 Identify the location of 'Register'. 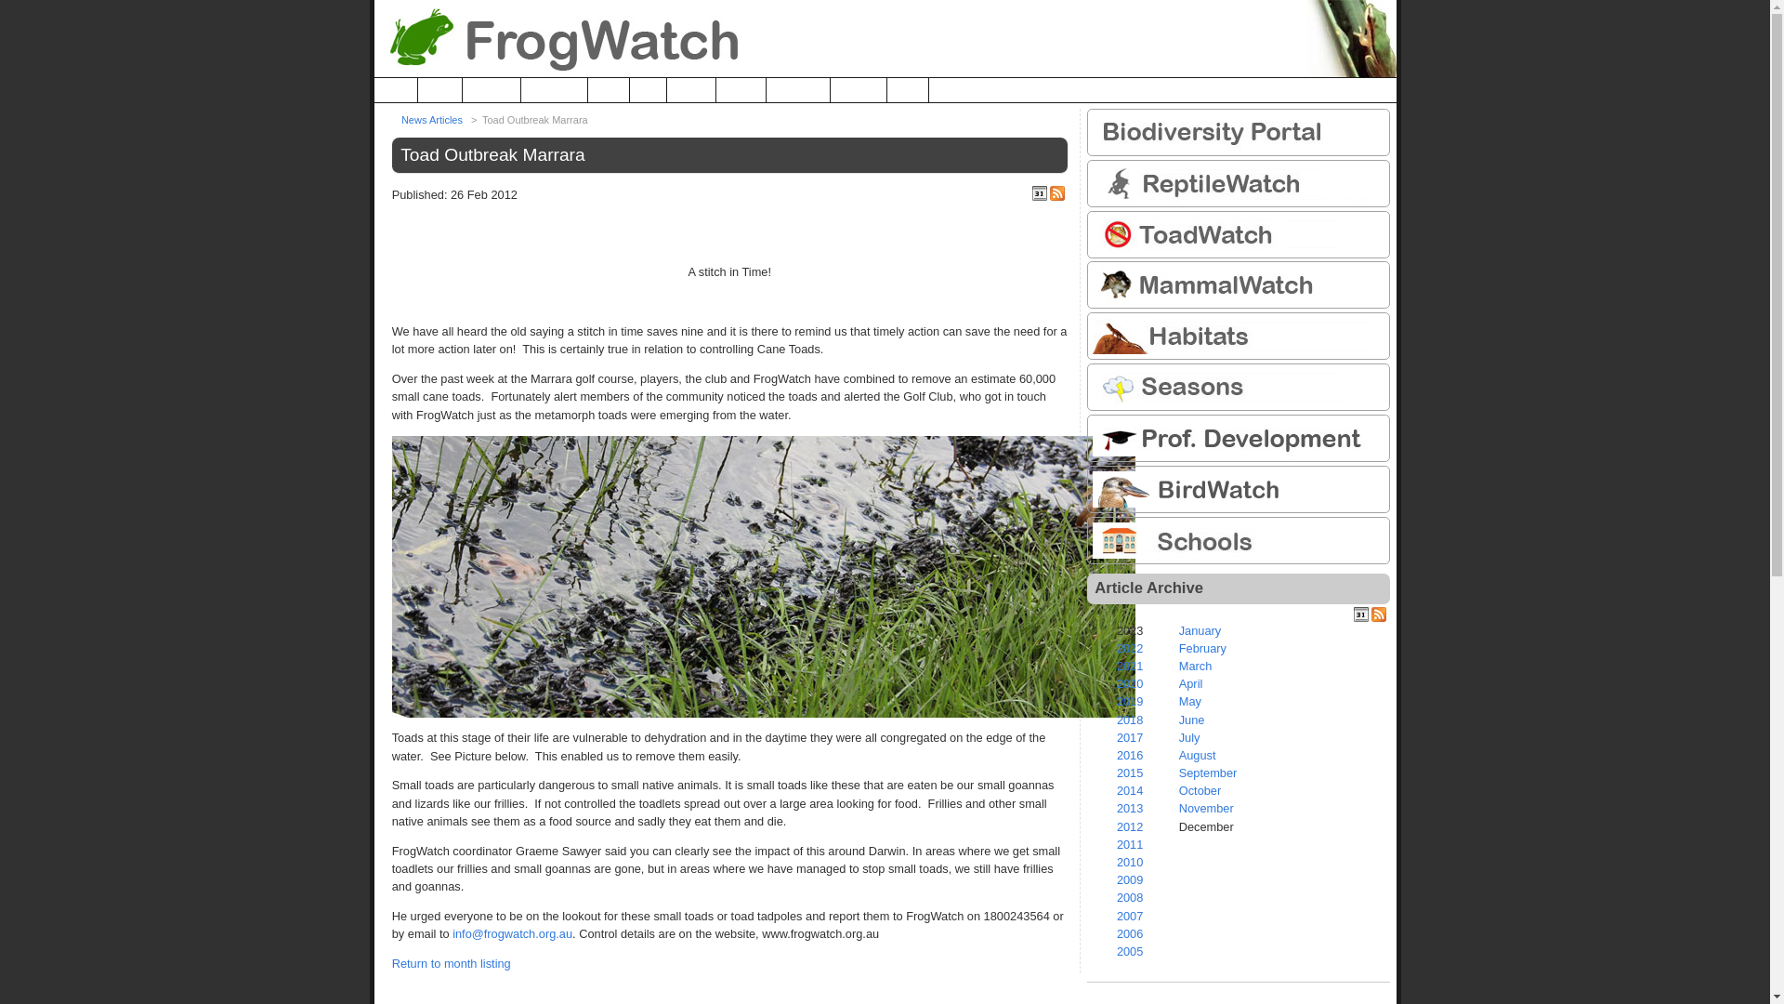
(858, 89).